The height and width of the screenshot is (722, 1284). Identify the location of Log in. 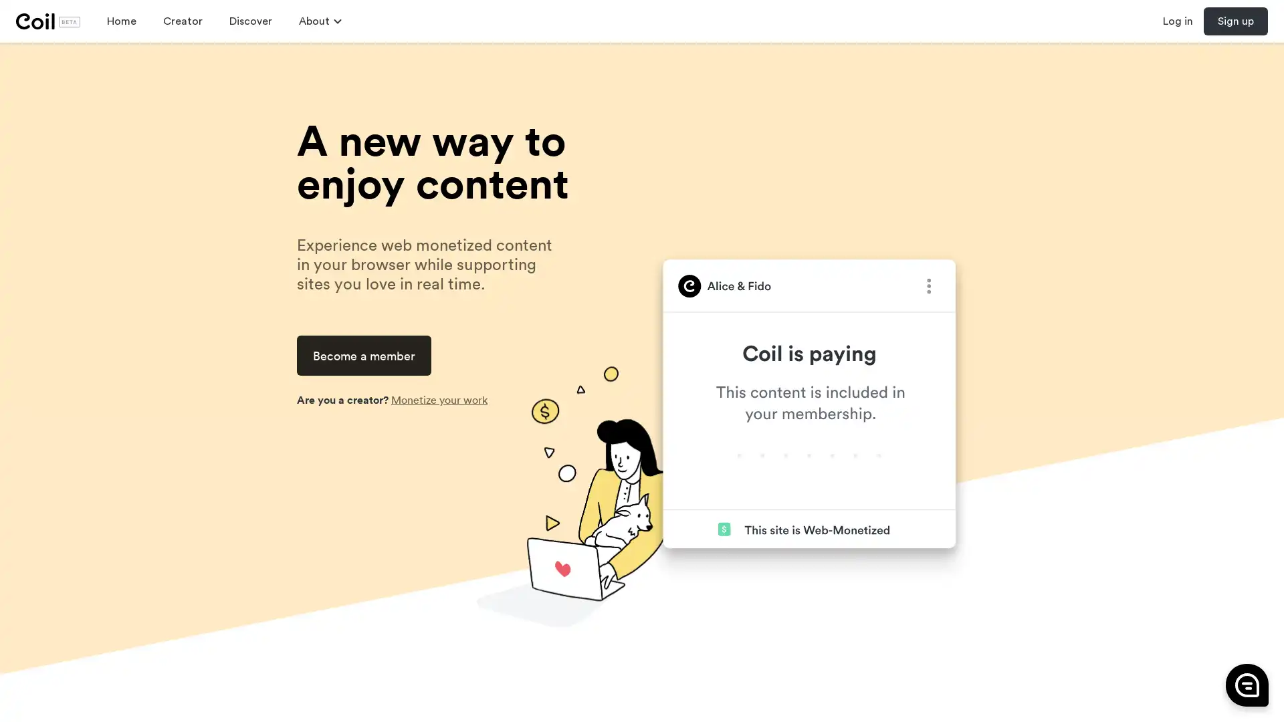
(1178, 21).